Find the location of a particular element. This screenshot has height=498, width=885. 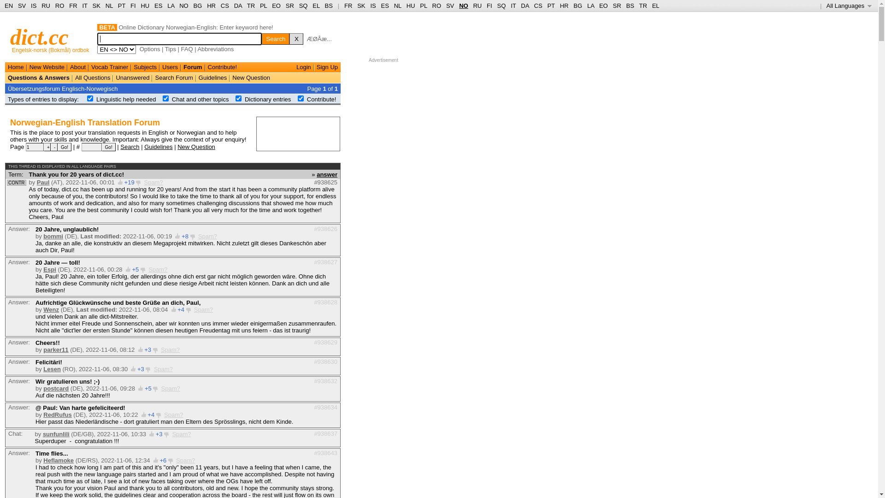

'Questions & Answers' is located at coordinates (38, 77).